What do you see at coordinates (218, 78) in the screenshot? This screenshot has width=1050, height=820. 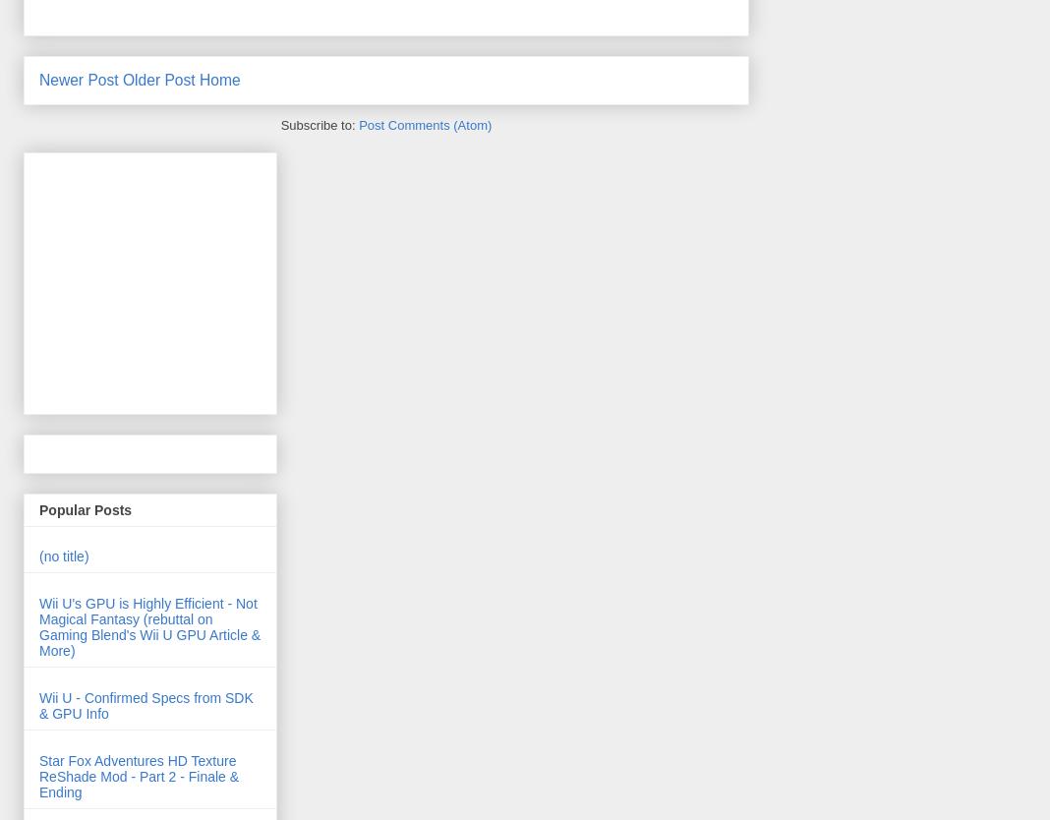 I see `'Home'` at bounding box center [218, 78].